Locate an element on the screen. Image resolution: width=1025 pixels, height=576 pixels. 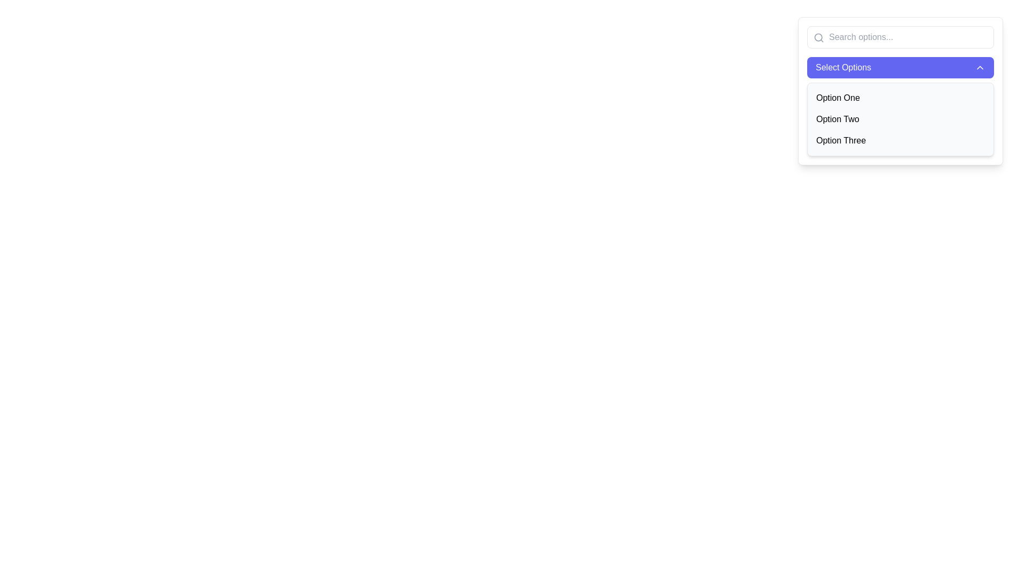
'Option Two' in the dropdown menu located centrally under the title 'Select Options' is located at coordinates (900, 90).